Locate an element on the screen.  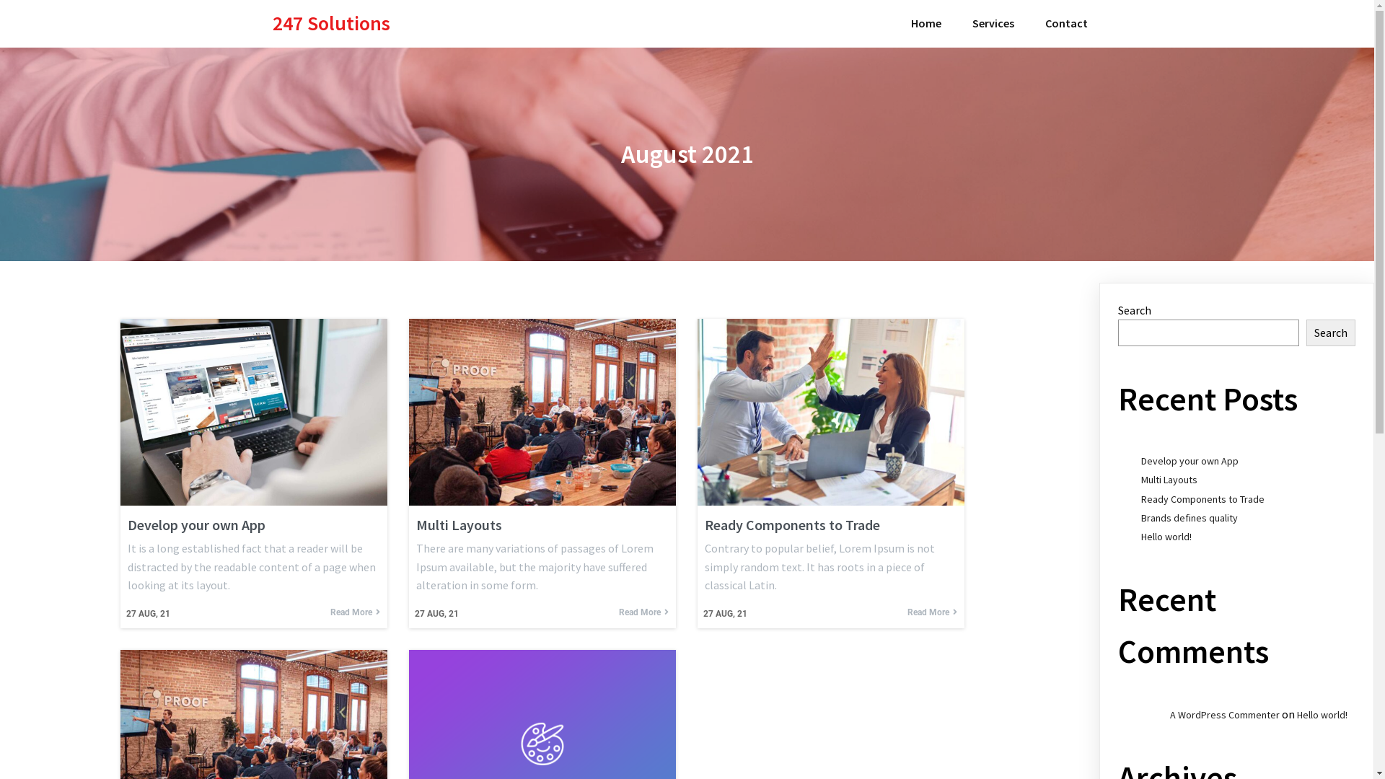
'Read More' is located at coordinates (932, 612).